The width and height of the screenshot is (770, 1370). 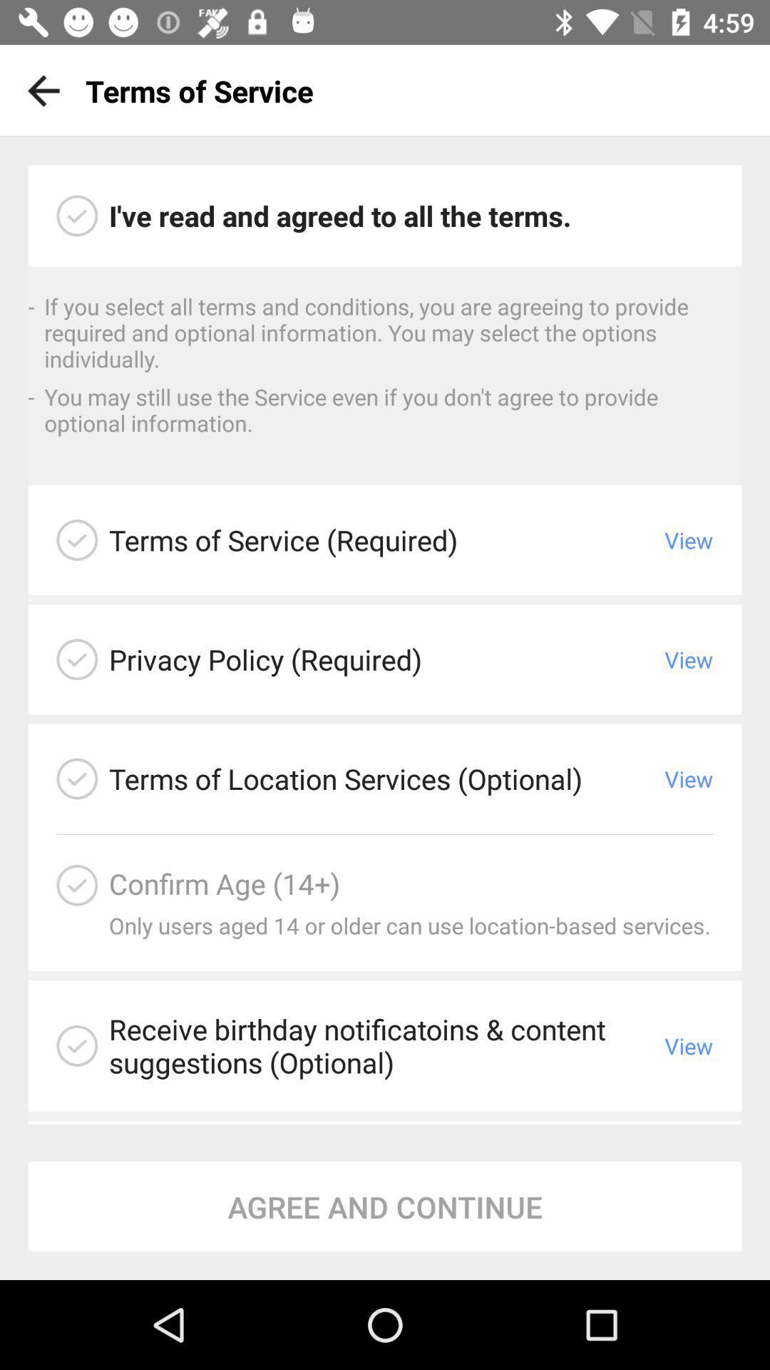 I want to click on privacy policy, so click(x=77, y=659).